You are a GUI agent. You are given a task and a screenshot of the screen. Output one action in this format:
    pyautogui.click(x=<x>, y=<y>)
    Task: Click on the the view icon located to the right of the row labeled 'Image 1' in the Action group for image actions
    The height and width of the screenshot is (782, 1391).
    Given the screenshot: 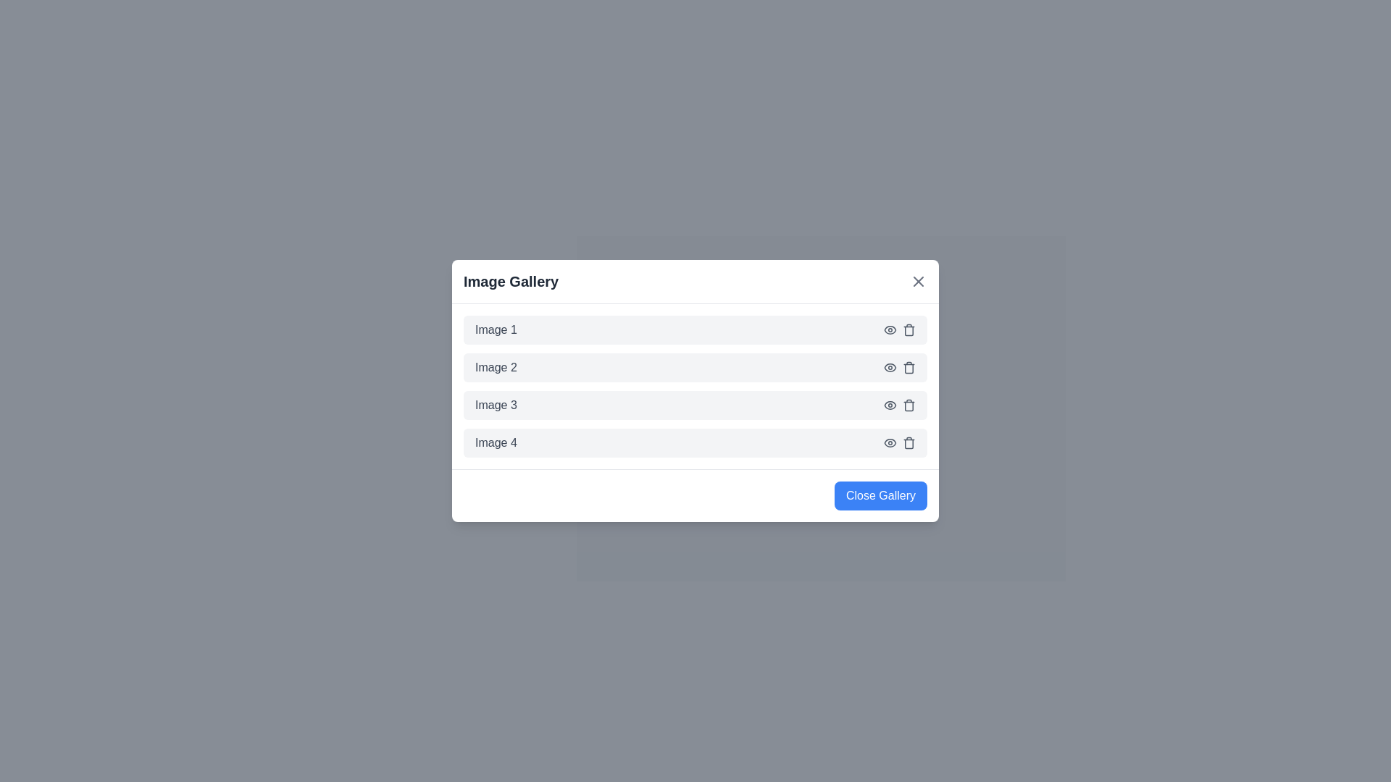 What is the action you would take?
    pyautogui.click(x=899, y=329)
    